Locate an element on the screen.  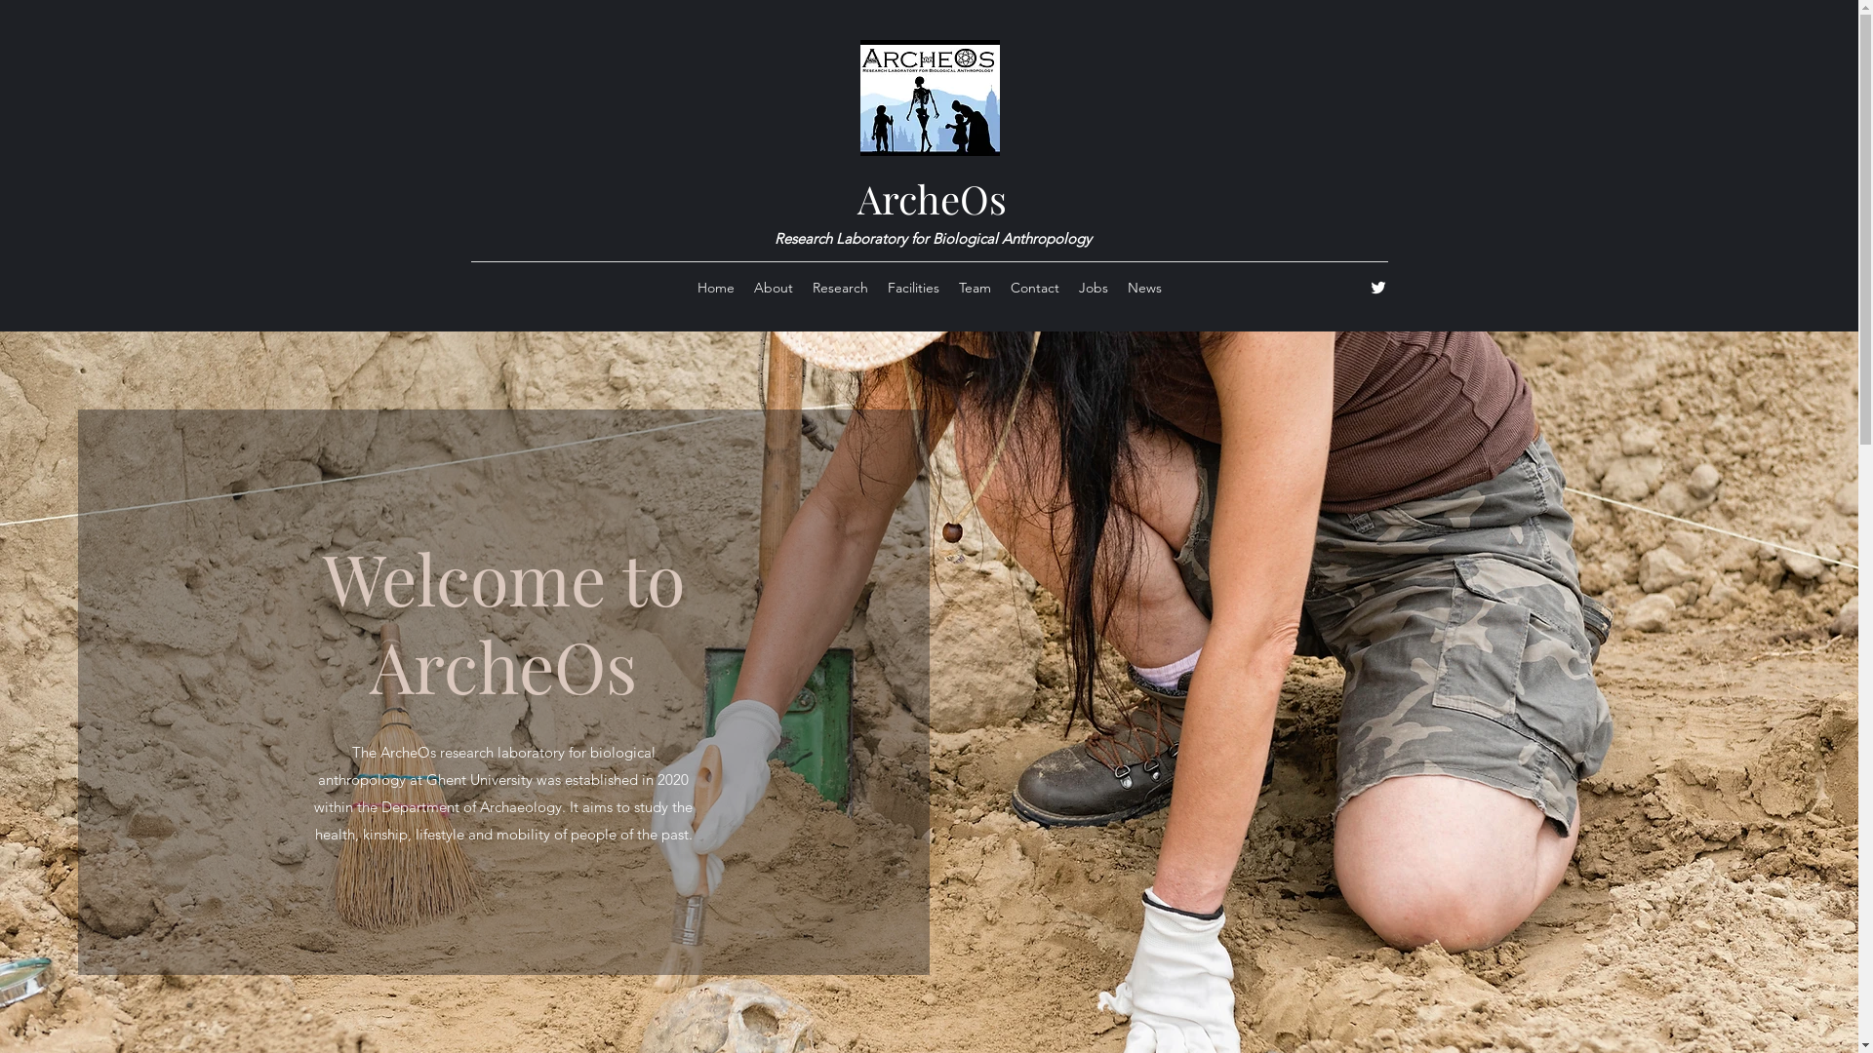
'ArcheOs' is located at coordinates (930, 198).